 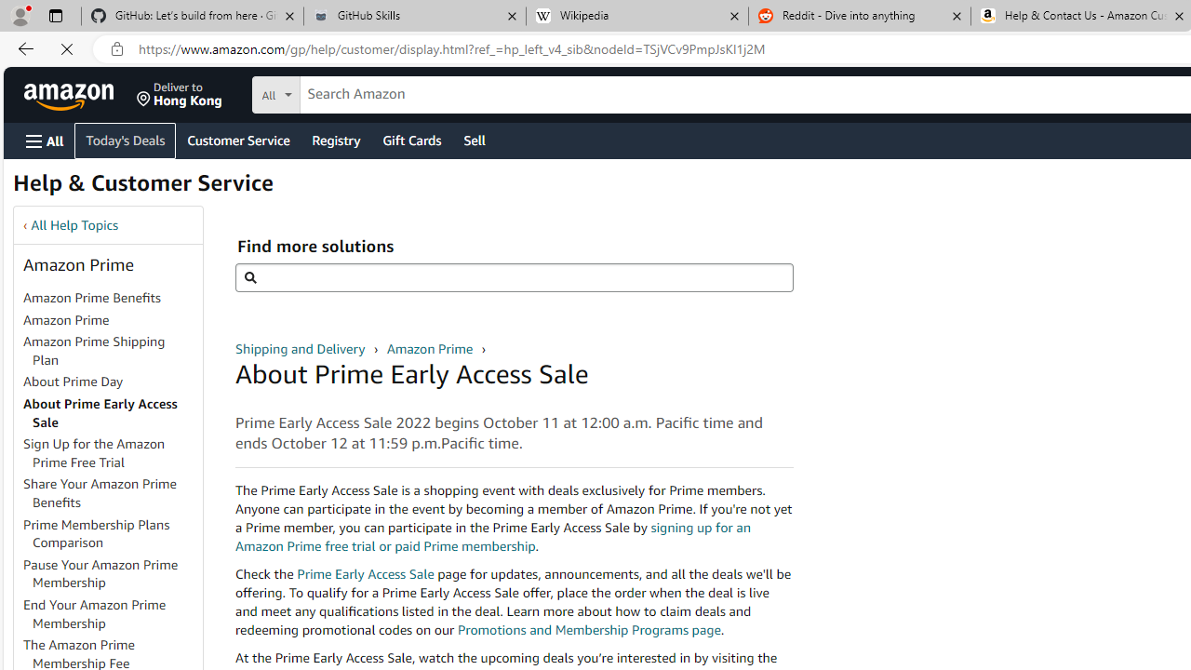 What do you see at coordinates (475, 139) in the screenshot?
I see `'Sell'` at bounding box center [475, 139].